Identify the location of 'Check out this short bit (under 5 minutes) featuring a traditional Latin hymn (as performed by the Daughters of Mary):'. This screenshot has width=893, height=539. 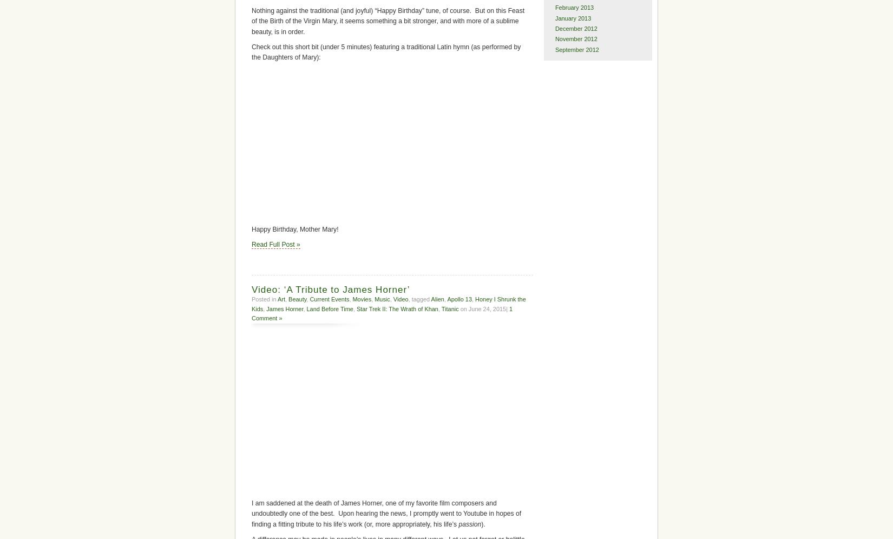
(385, 51).